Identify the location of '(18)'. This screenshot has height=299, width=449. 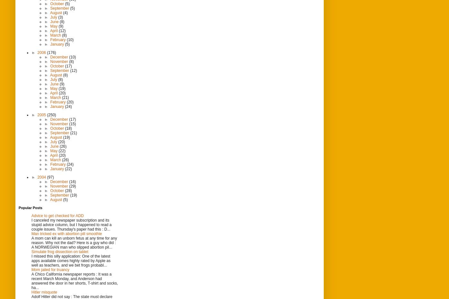
(68, 128).